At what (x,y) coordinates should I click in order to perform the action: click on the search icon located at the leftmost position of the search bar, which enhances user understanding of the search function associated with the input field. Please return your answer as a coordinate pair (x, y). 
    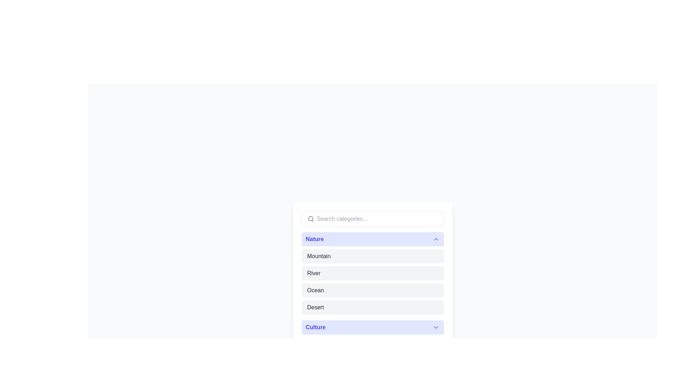
    Looking at the image, I should click on (311, 219).